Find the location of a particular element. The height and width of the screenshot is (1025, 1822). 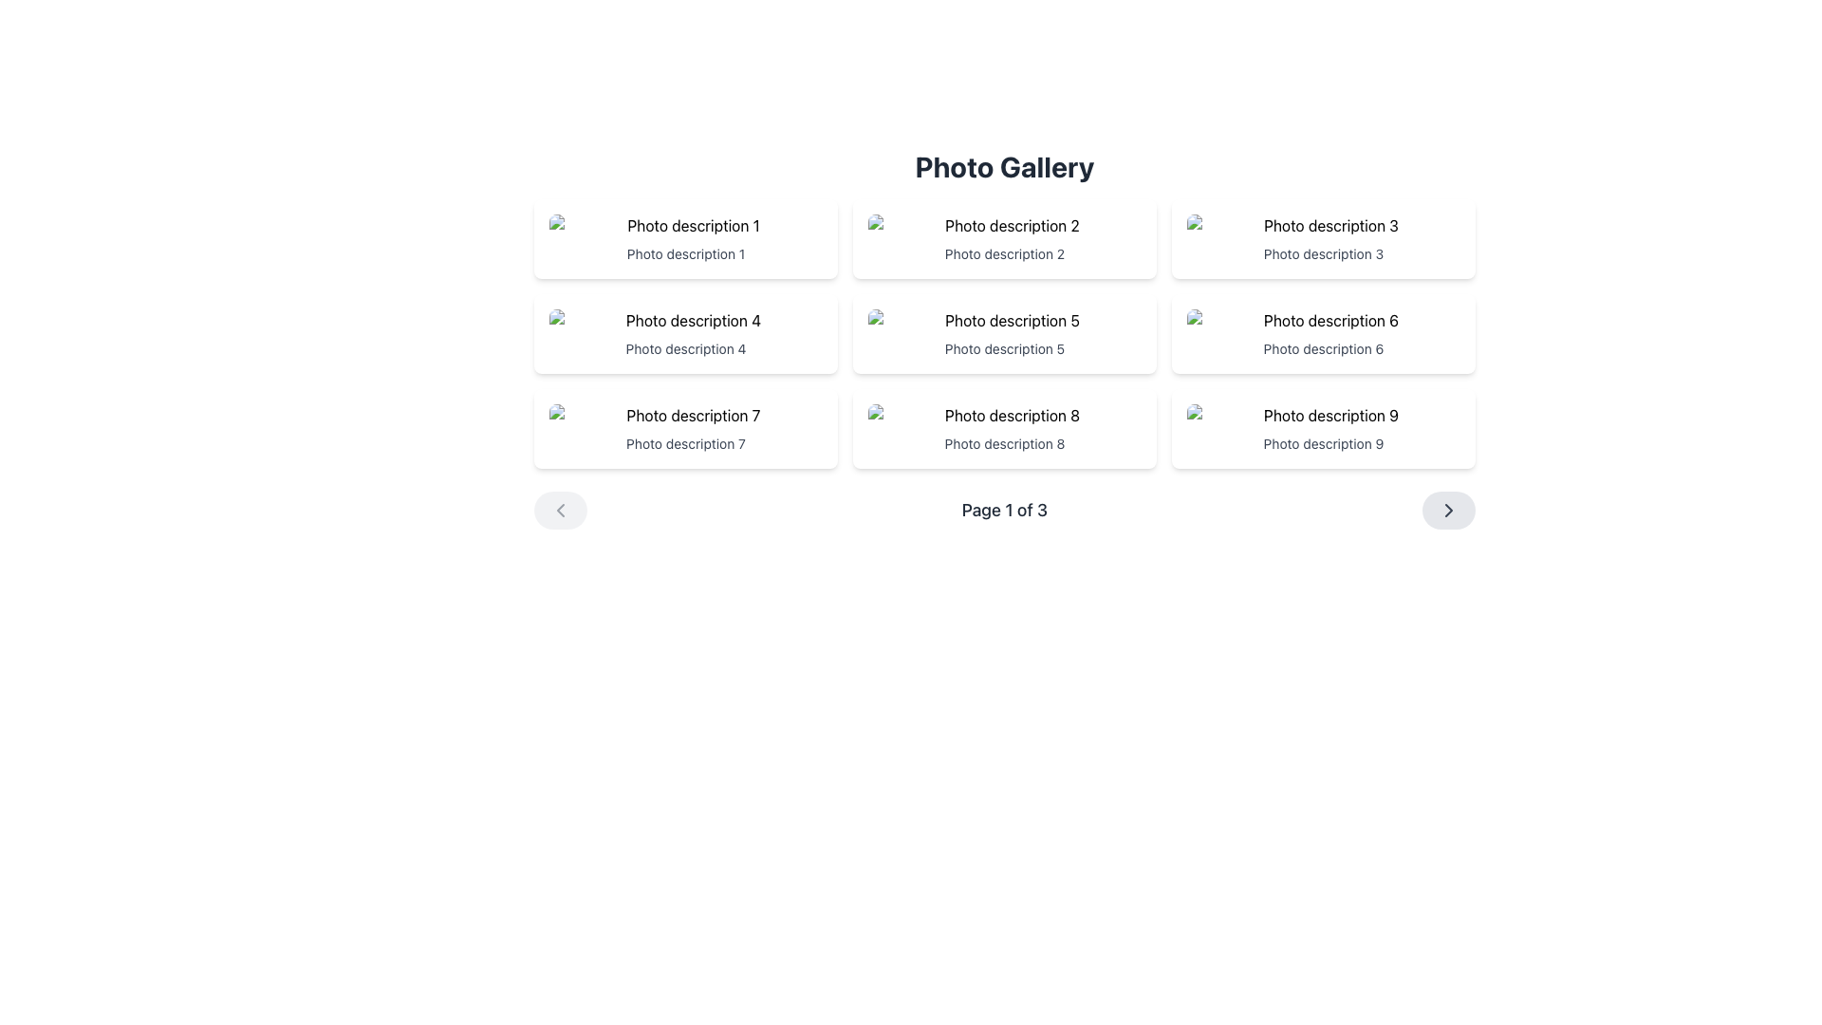

the rectangular image with rounded corners and a landscape illustration labeled 'Photo description 6' is located at coordinates (1323, 320).